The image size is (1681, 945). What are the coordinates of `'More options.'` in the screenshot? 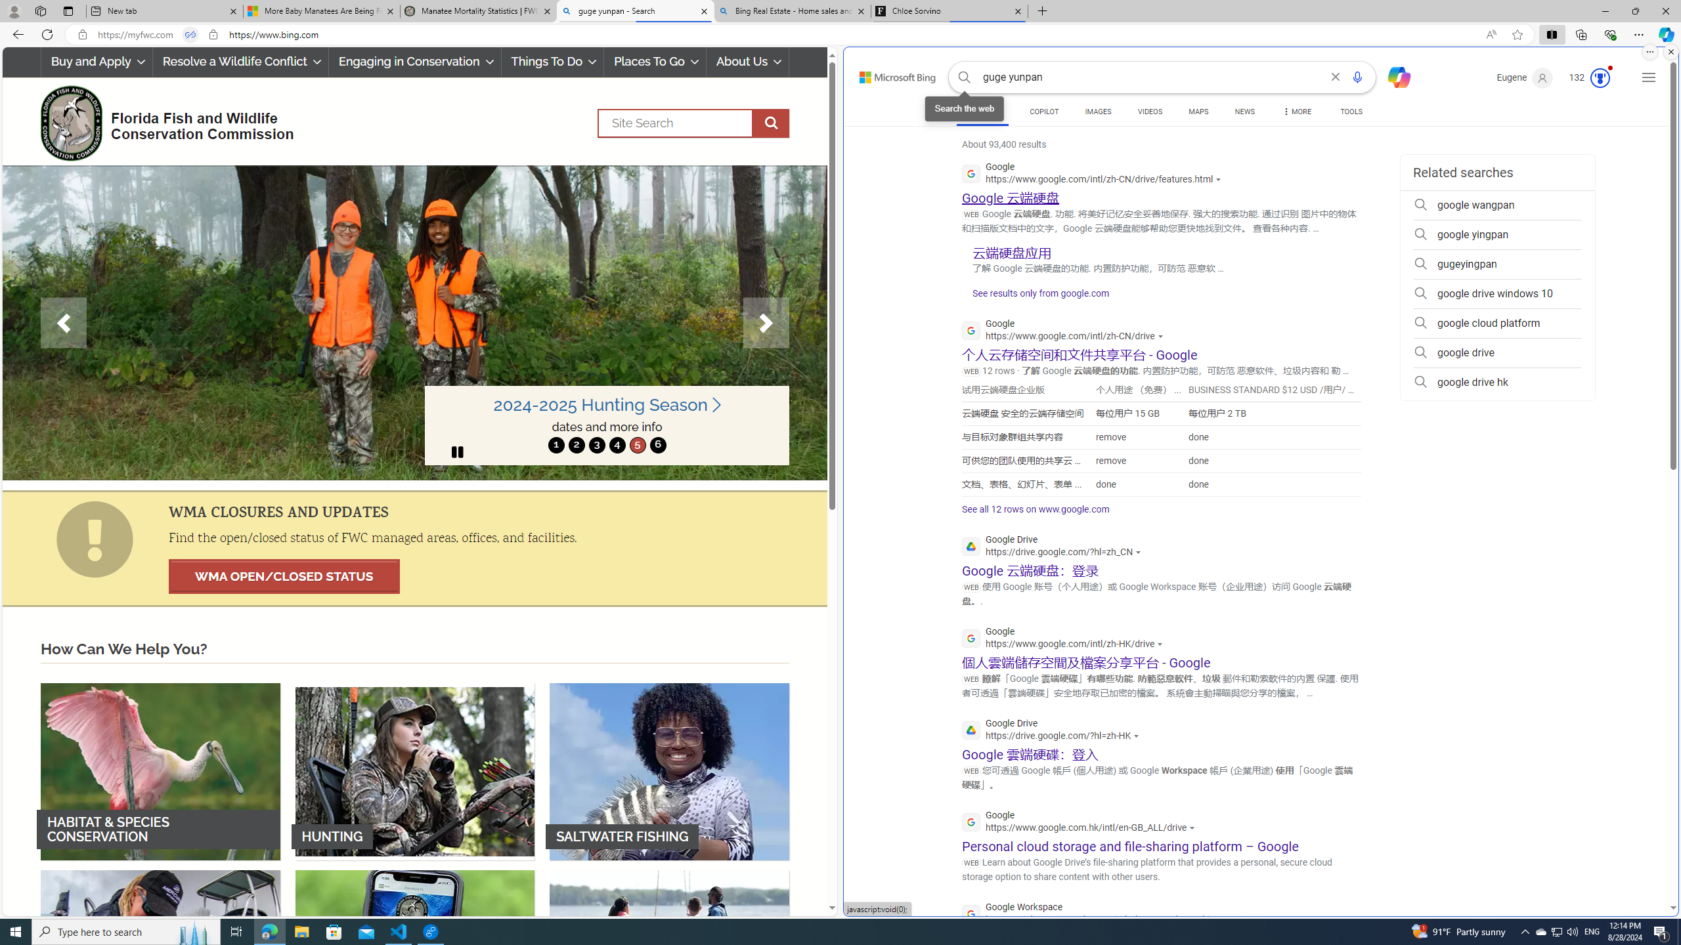 It's located at (1649, 51).